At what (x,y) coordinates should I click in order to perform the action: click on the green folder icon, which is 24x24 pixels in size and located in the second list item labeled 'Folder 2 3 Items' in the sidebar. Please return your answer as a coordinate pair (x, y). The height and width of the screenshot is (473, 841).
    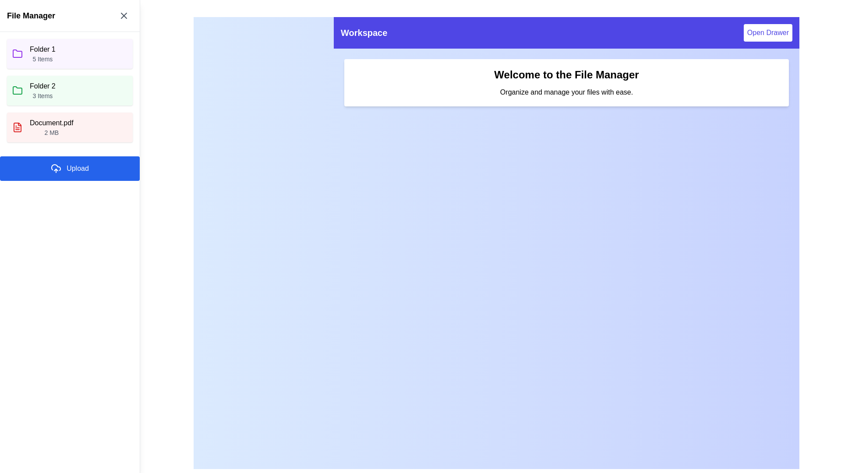
    Looking at the image, I should click on (17, 91).